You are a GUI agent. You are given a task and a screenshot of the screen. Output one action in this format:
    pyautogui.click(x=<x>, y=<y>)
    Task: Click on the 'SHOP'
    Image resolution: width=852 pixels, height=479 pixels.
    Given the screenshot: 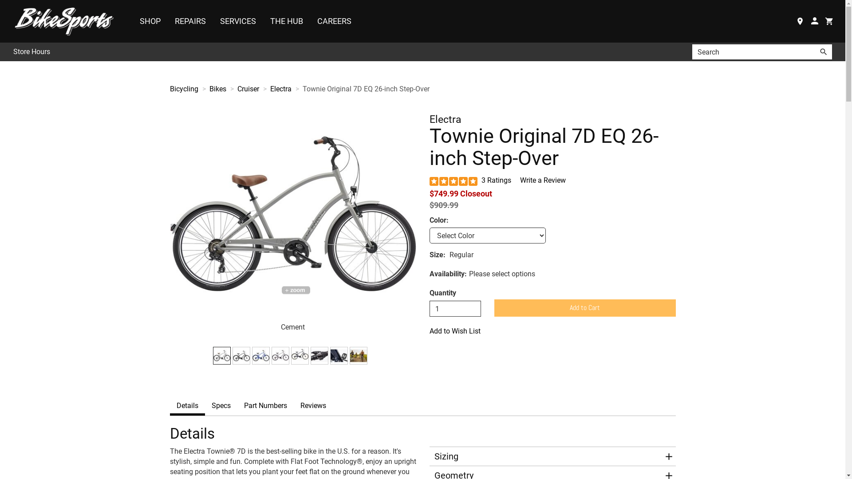 What is the action you would take?
    pyautogui.click(x=150, y=20)
    